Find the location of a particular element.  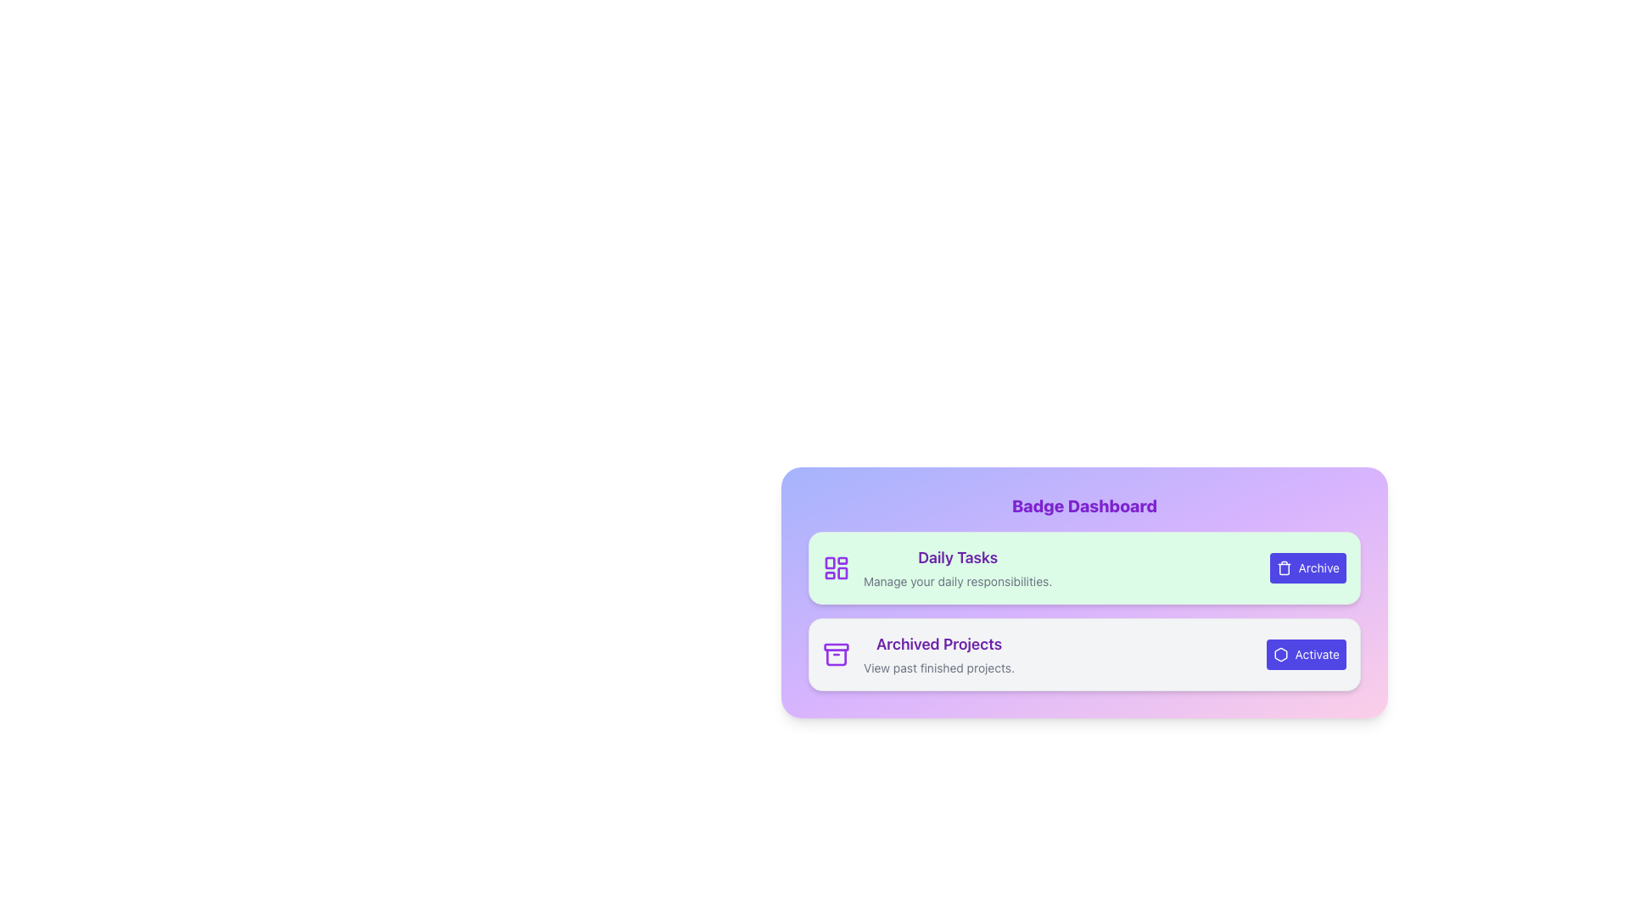

the trash can icon within the 'Archive' button located in the top right corner of the green-highlighted 'Daily Tasks' section of the Badge Dashboard interface is located at coordinates (1284, 568).